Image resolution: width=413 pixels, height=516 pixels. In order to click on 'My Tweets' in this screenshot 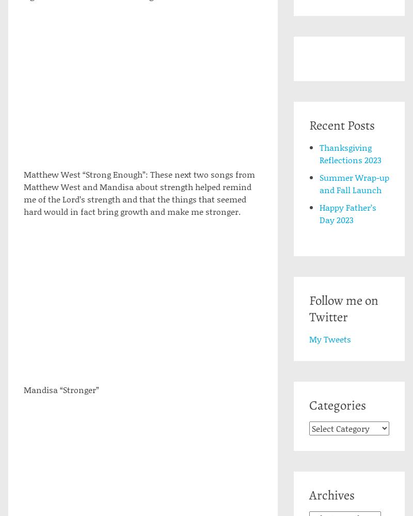, I will do `click(329, 338)`.